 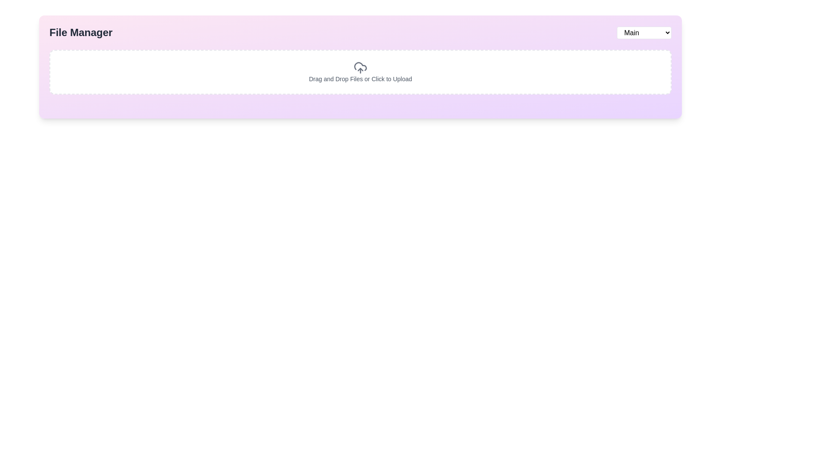 I want to click on the text label that says 'Drag and Drop Files or Click to Upload' to read its content, so click(x=361, y=79).